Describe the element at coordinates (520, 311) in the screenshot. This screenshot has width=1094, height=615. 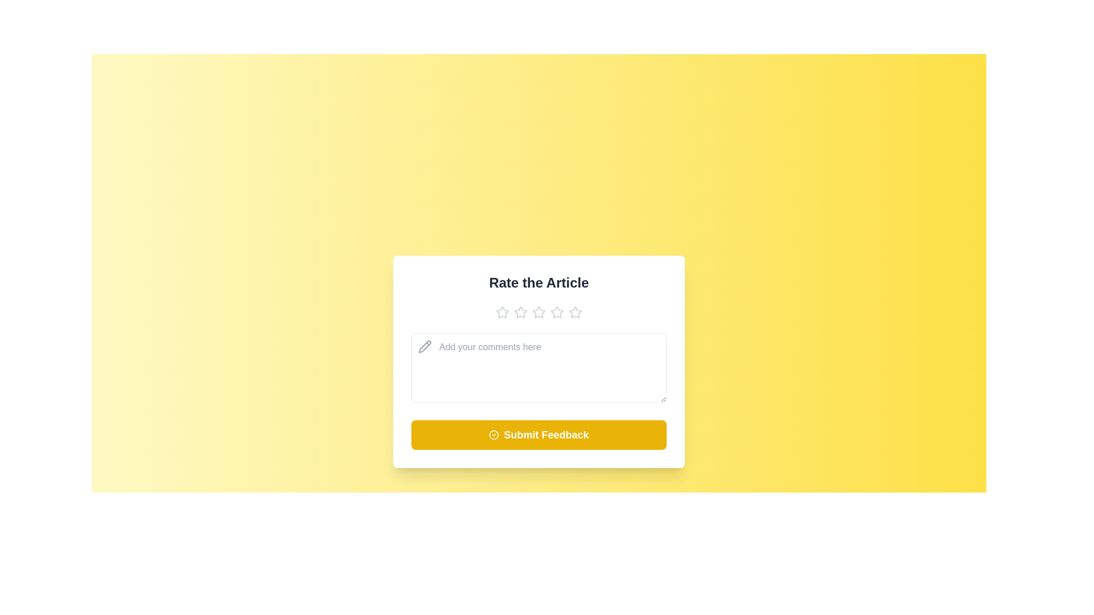
I see `the second star icon in the horizontal series of five stars under the text 'Rate the Article'` at that location.